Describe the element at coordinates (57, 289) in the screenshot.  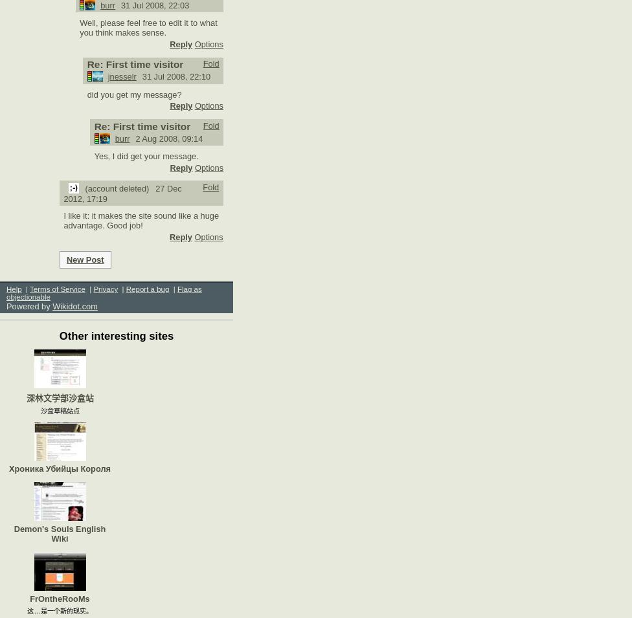
I see `'Terms of Service'` at that location.